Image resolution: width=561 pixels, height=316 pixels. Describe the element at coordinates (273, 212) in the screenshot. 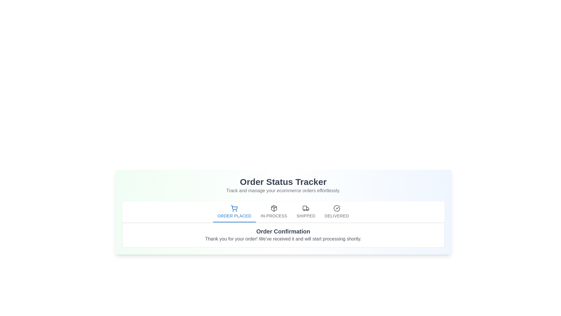

I see `the 'In-Process' Navigation Tab Button` at that location.